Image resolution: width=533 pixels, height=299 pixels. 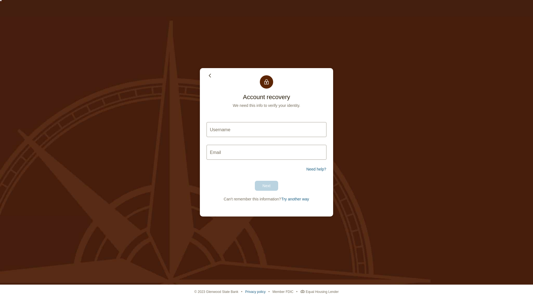 What do you see at coordinates (266, 152) in the screenshot?
I see `'Email'` at bounding box center [266, 152].